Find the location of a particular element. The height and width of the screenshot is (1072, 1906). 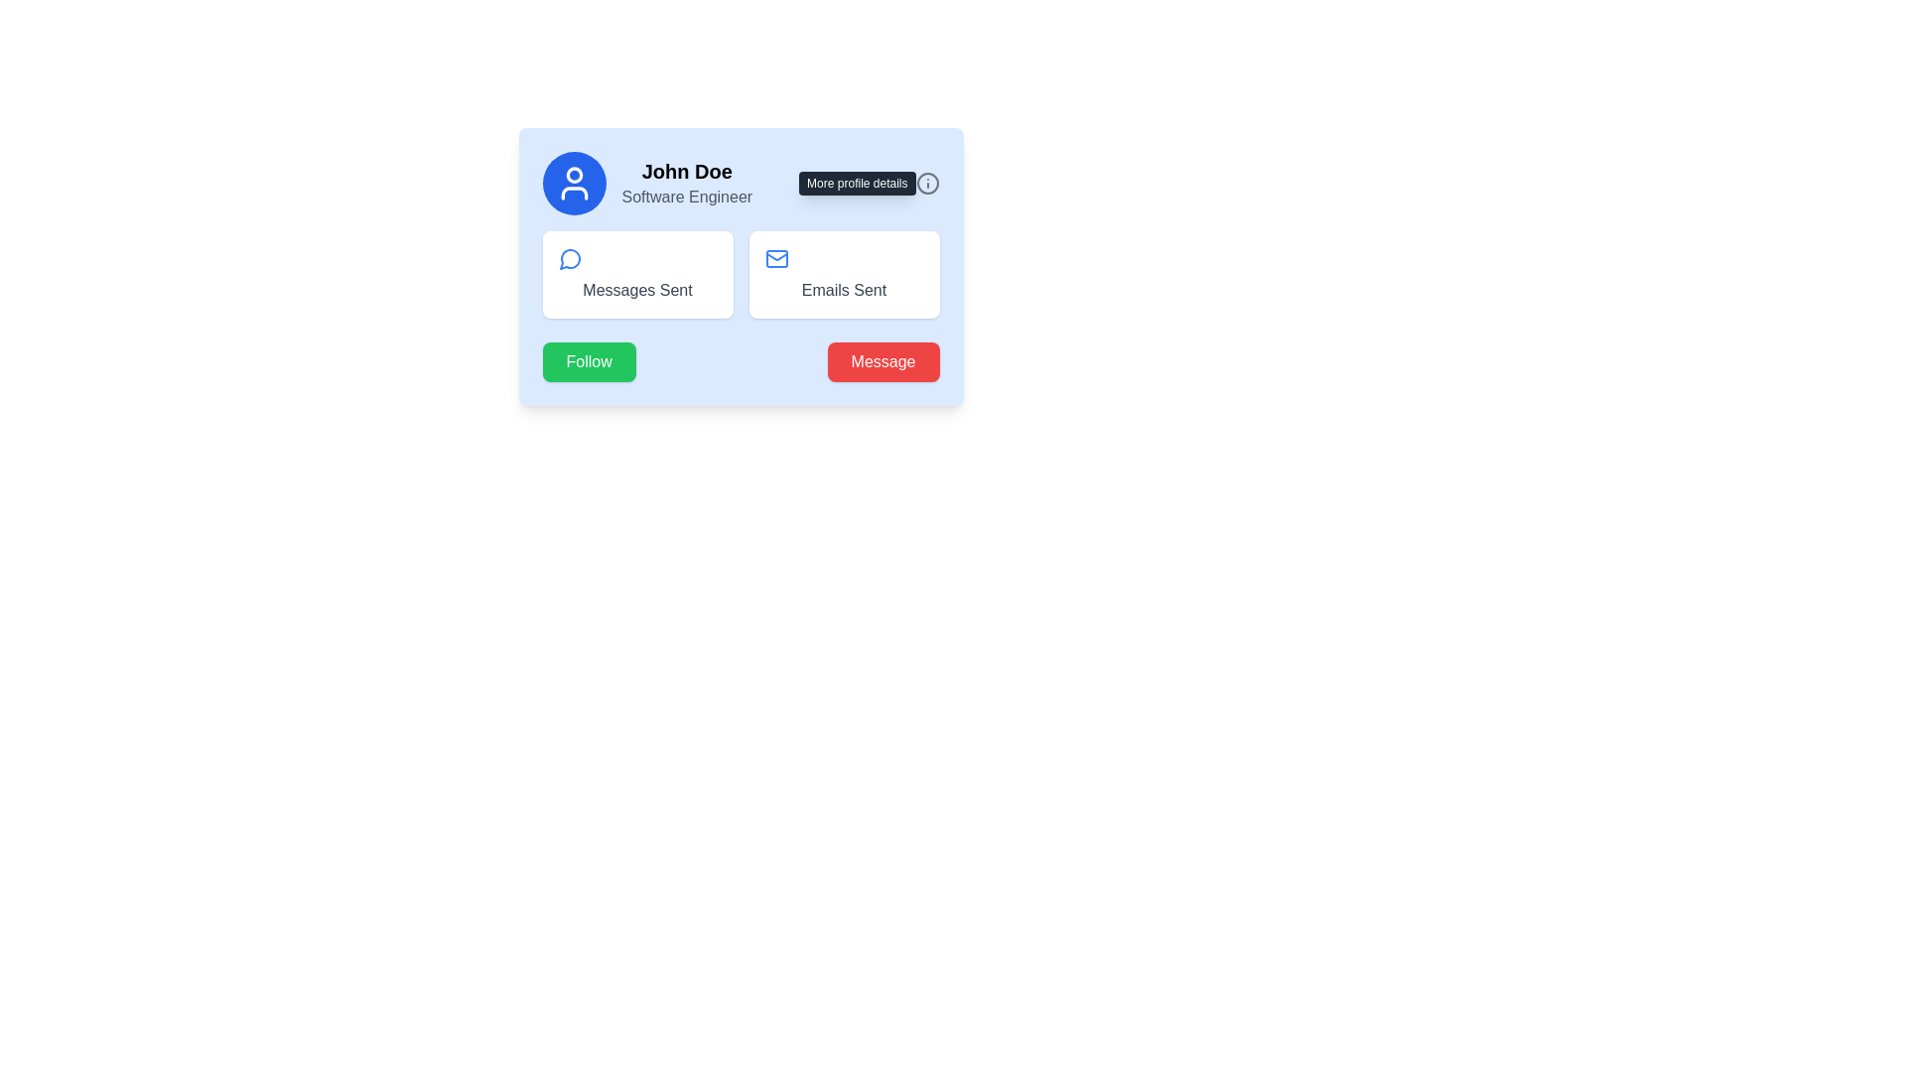

the Profile Summary Card in the top-left area of the user profile card is located at coordinates (647, 184).